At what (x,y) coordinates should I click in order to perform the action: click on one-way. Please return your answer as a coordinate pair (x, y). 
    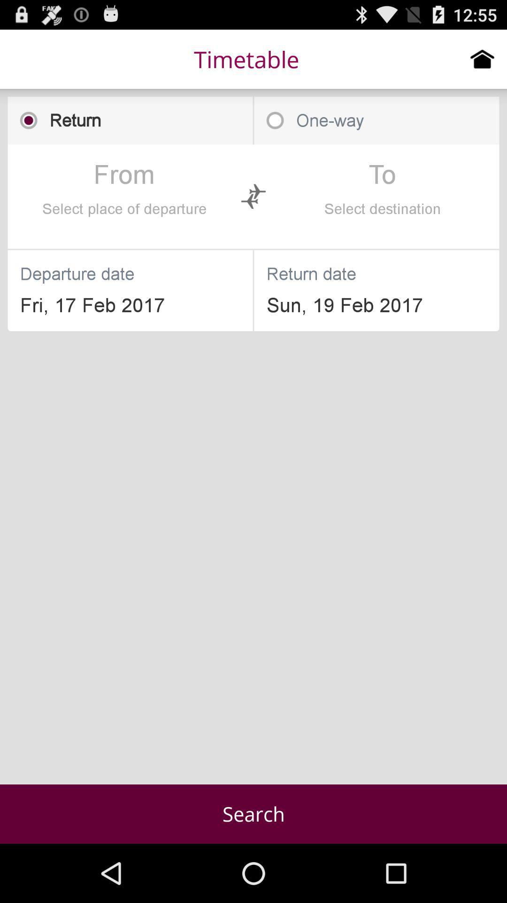
    Looking at the image, I should click on (376, 120).